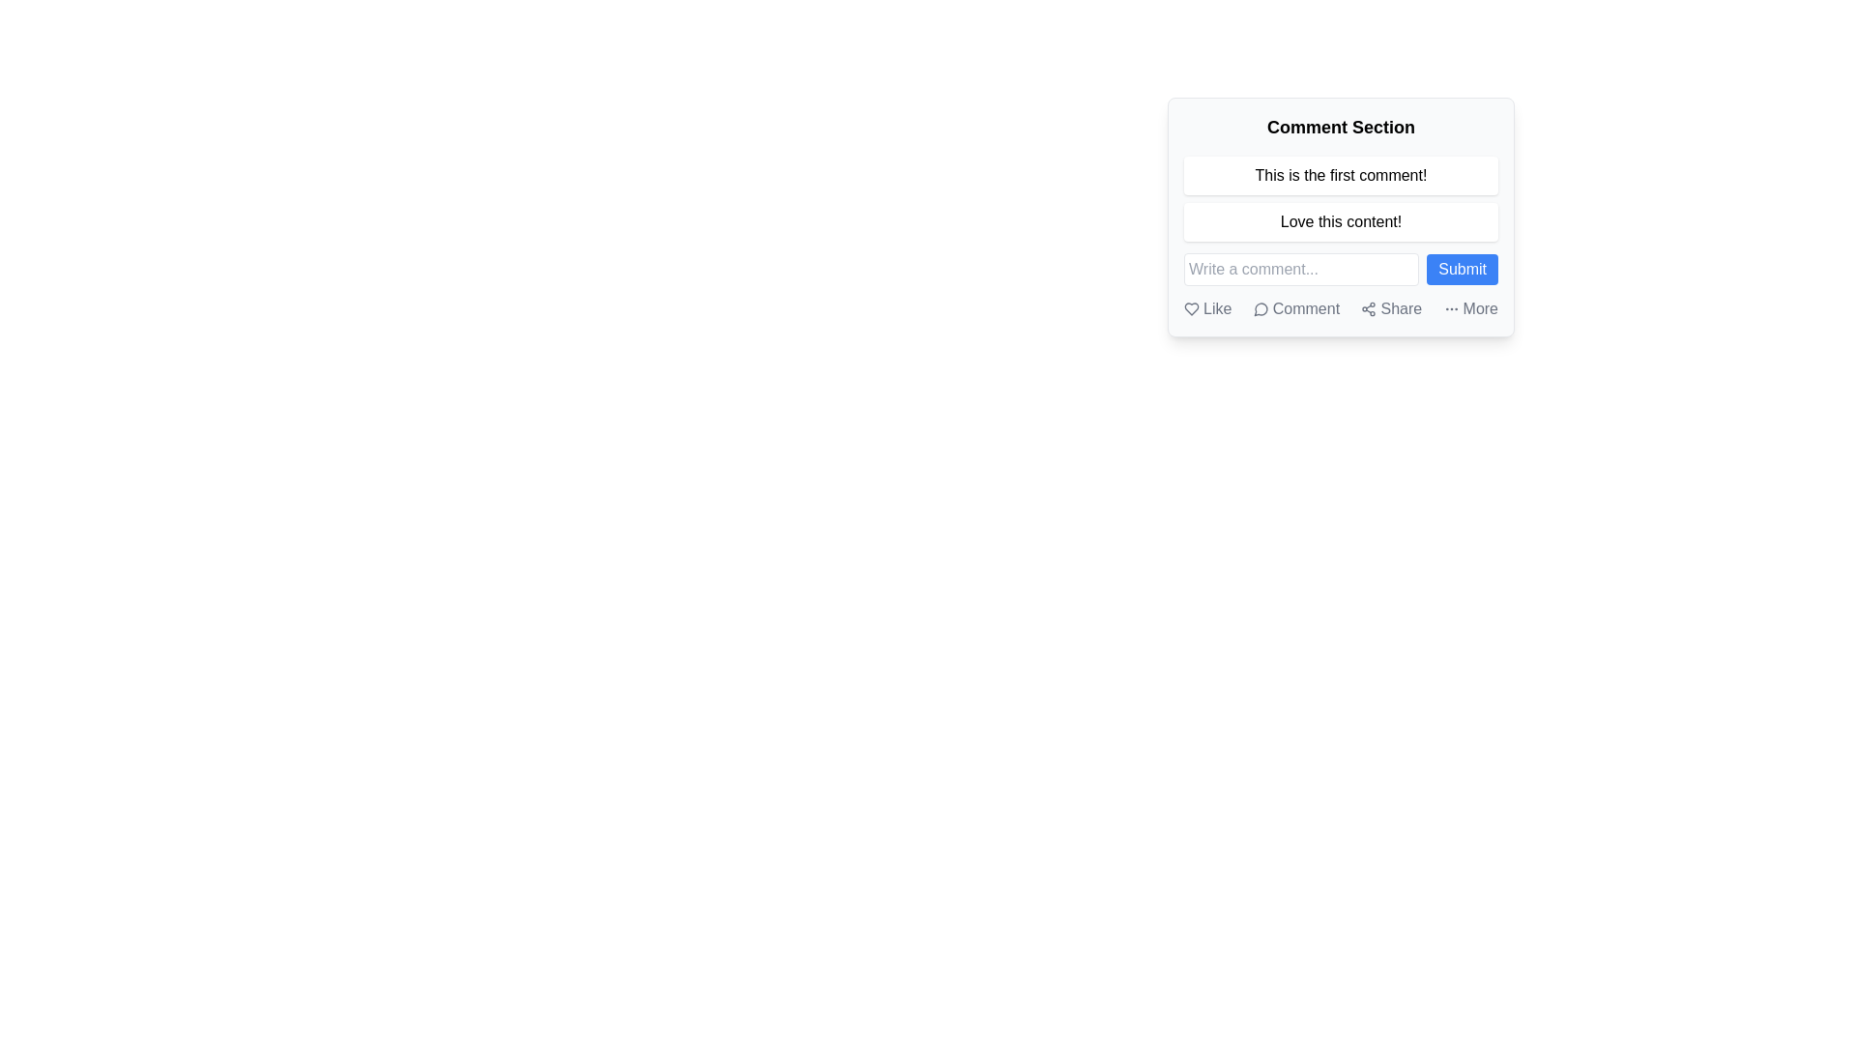 The height and width of the screenshot is (1044, 1856). Describe the element at coordinates (1479, 308) in the screenshot. I see `the text label displaying 'More' located in the bottom-right corner of the comment section interface, under the 'Share' button, using drag-and-drop functionality` at that location.